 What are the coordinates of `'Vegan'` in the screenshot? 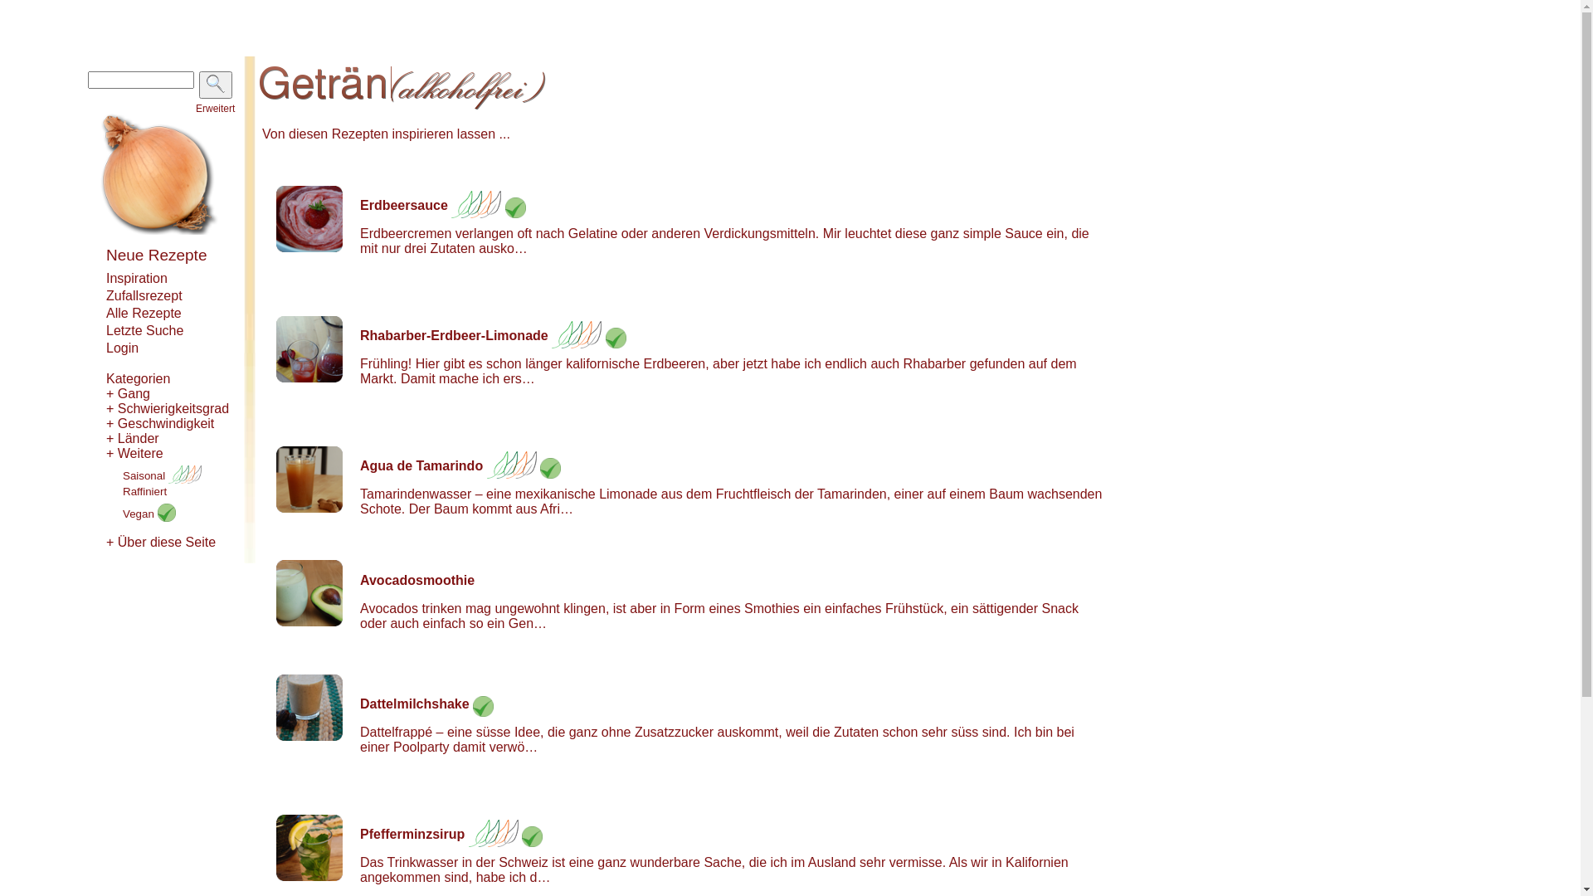 It's located at (149, 513).